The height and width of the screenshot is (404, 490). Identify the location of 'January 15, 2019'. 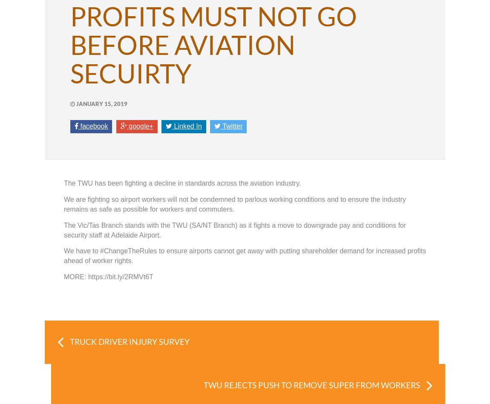
(101, 103).